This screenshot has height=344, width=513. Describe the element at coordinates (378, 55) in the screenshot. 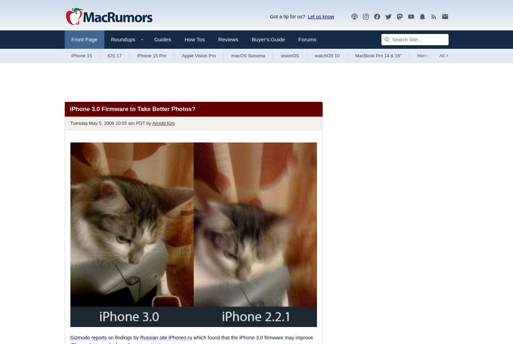

I see `'MacBook Pro 14 & 16"'` at that location.